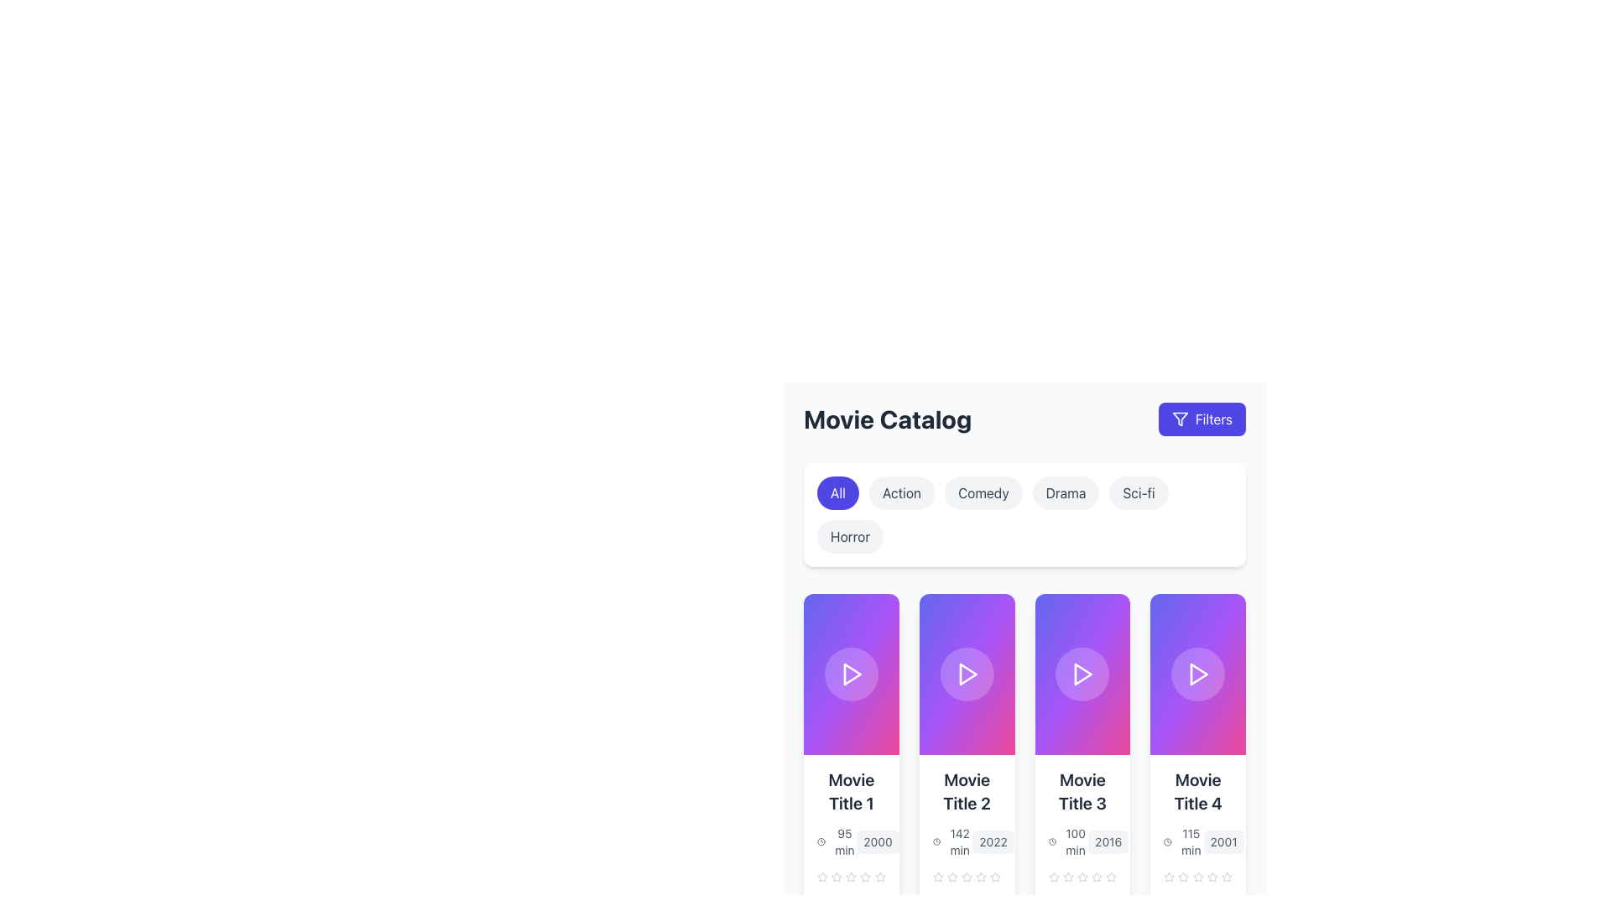  Describe the element at coordinates (1212, 876) in the screenshot. I see `the first star rating icon in the interactive rating mechanism for 'Movie Title 4'` at that location.